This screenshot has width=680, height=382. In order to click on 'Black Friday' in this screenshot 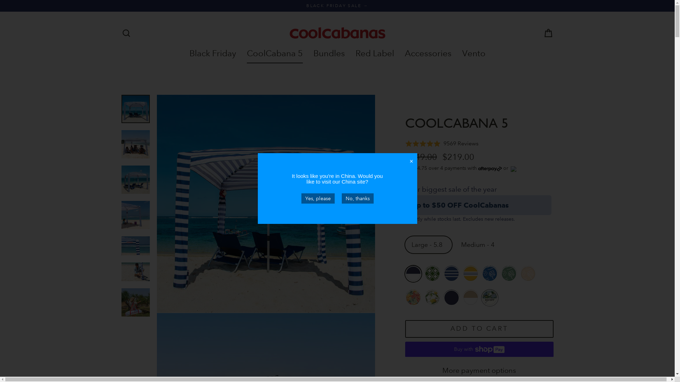, I will do `click(184, 53)`.